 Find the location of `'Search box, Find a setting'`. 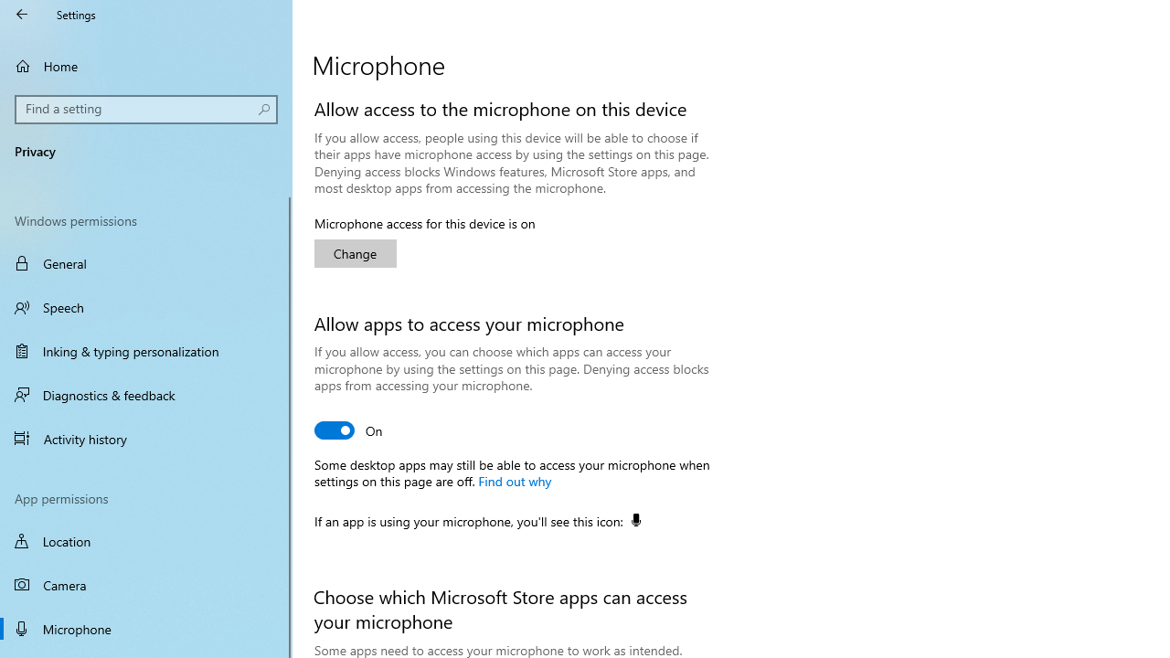

'Search box, Find a setting' is located at coordinates (146, 109).